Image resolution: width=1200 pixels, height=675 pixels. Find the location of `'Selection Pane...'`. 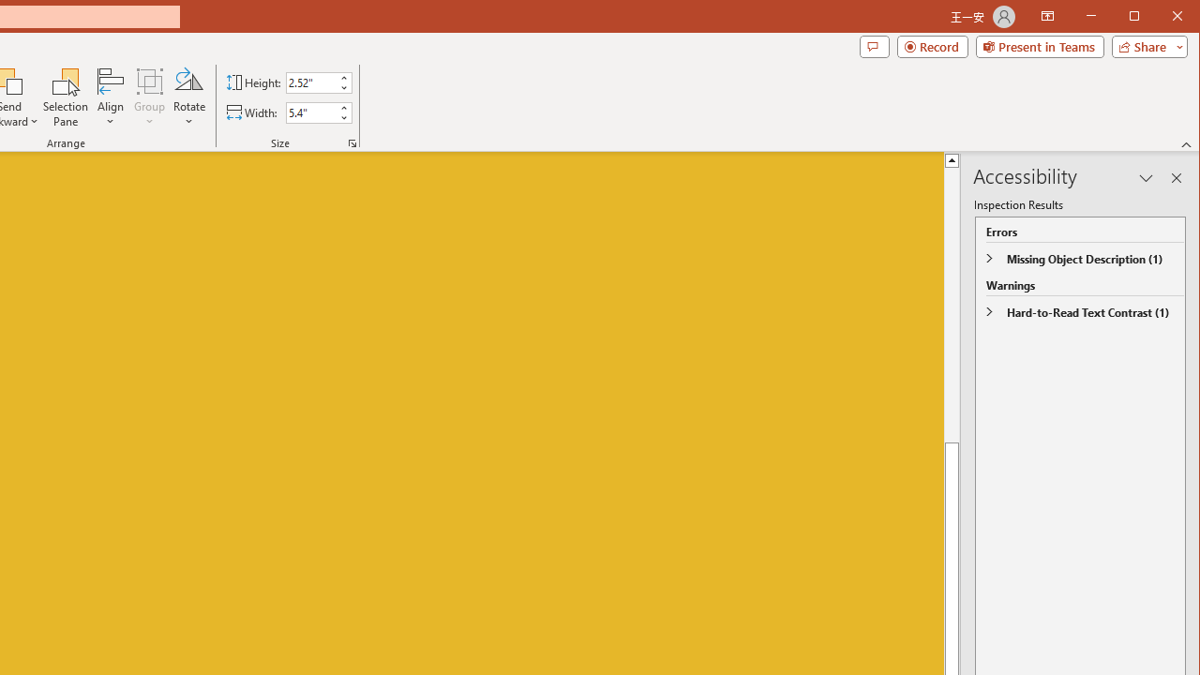

'Selection Pane...' is located at coordinates (66, 97).